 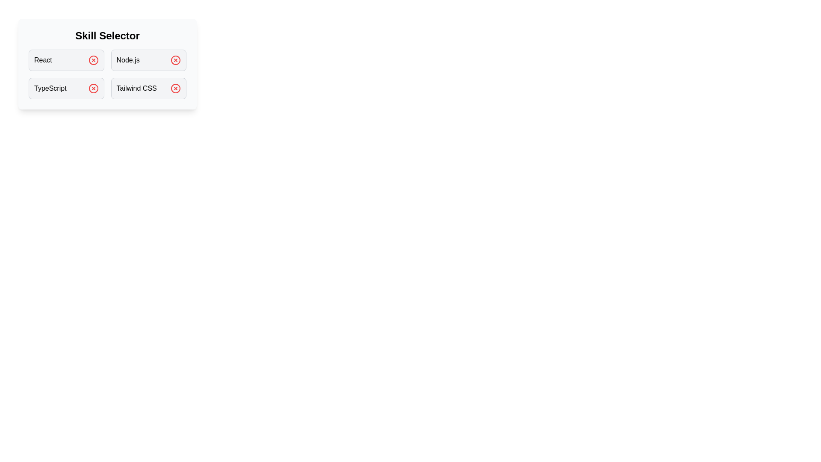 What do you see at coordinates (148, 60) in the screenshot?
I see `the skill box labeled Node.js` at bounding box center [148, 60].